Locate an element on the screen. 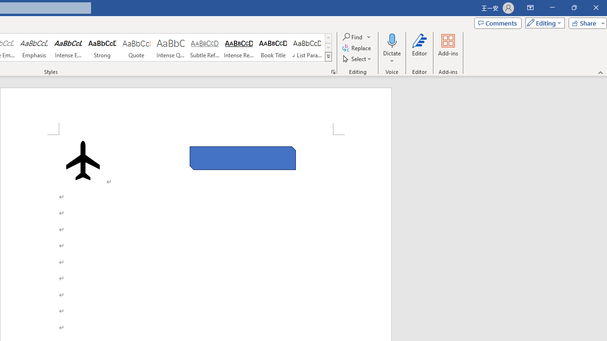 The image size is (607, 341). 'Intense Quote' is located at coordinates (170, 47).